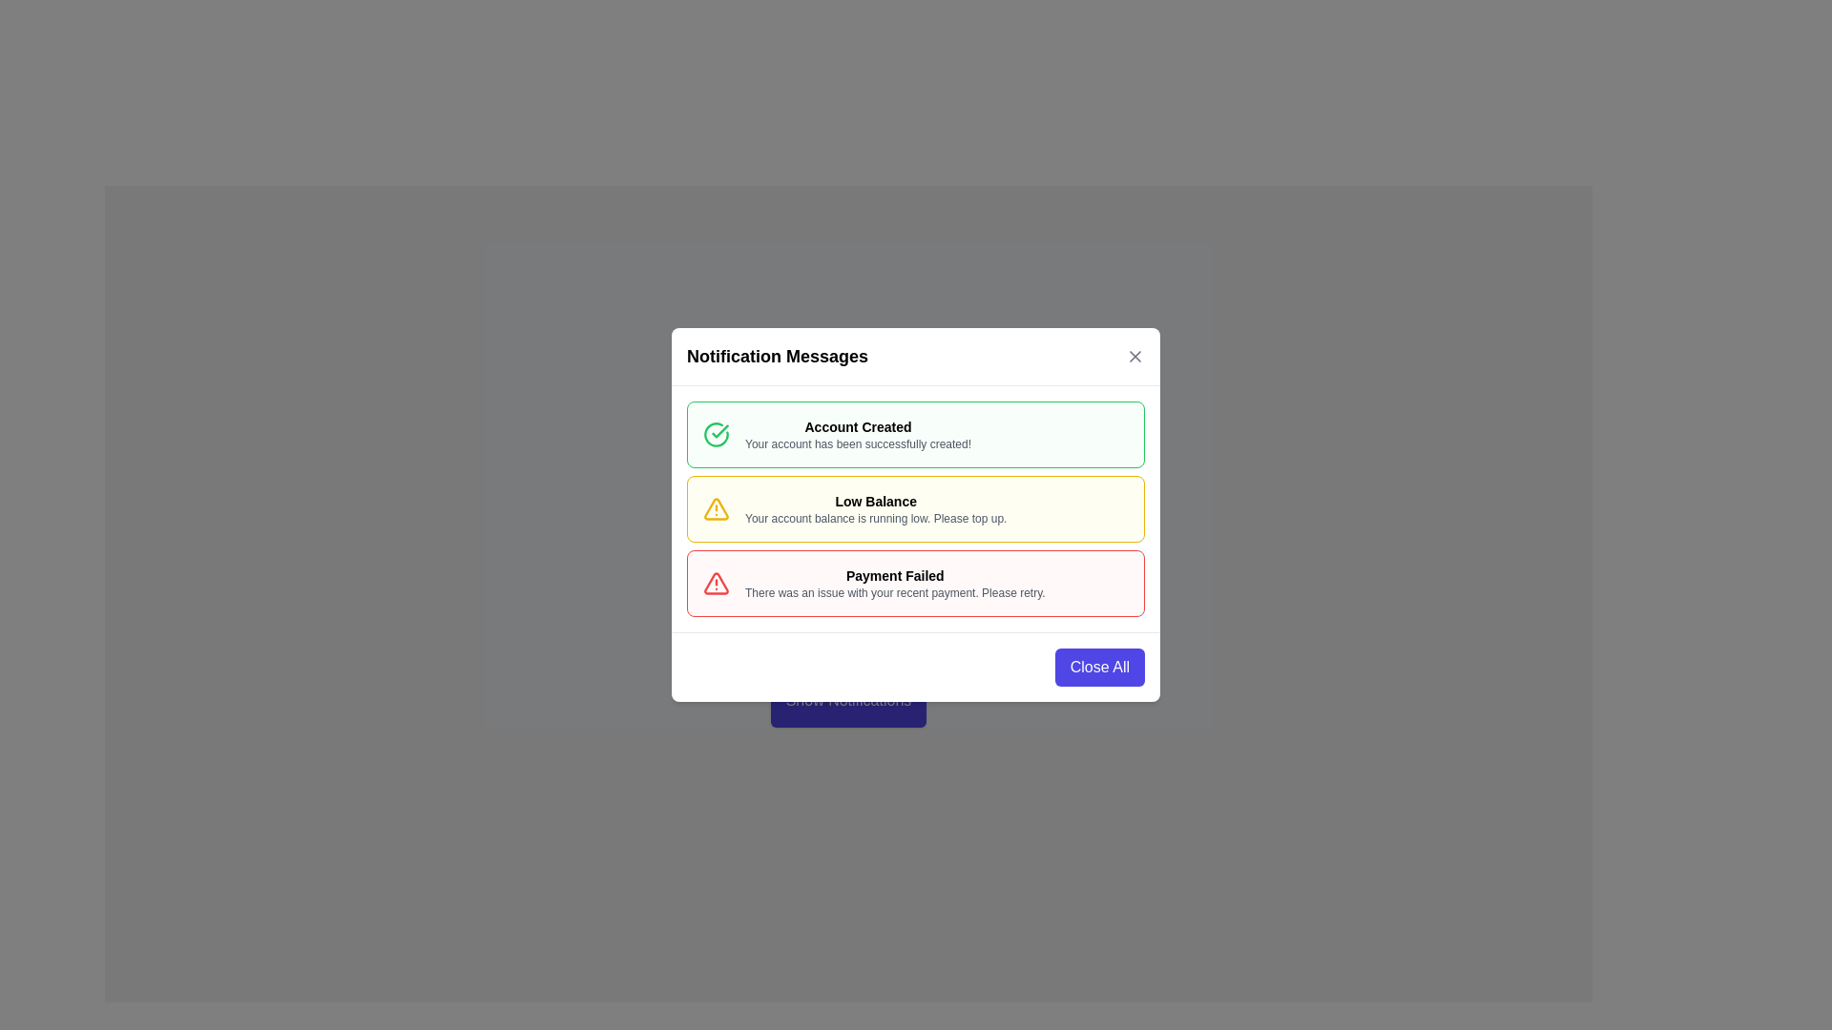 This screenshot has height=1030, width=1832. I want to click on the title or header text of the notification related to a failed payment, located near the bottom of the notification box above the descriptive message, so click(894, 575).